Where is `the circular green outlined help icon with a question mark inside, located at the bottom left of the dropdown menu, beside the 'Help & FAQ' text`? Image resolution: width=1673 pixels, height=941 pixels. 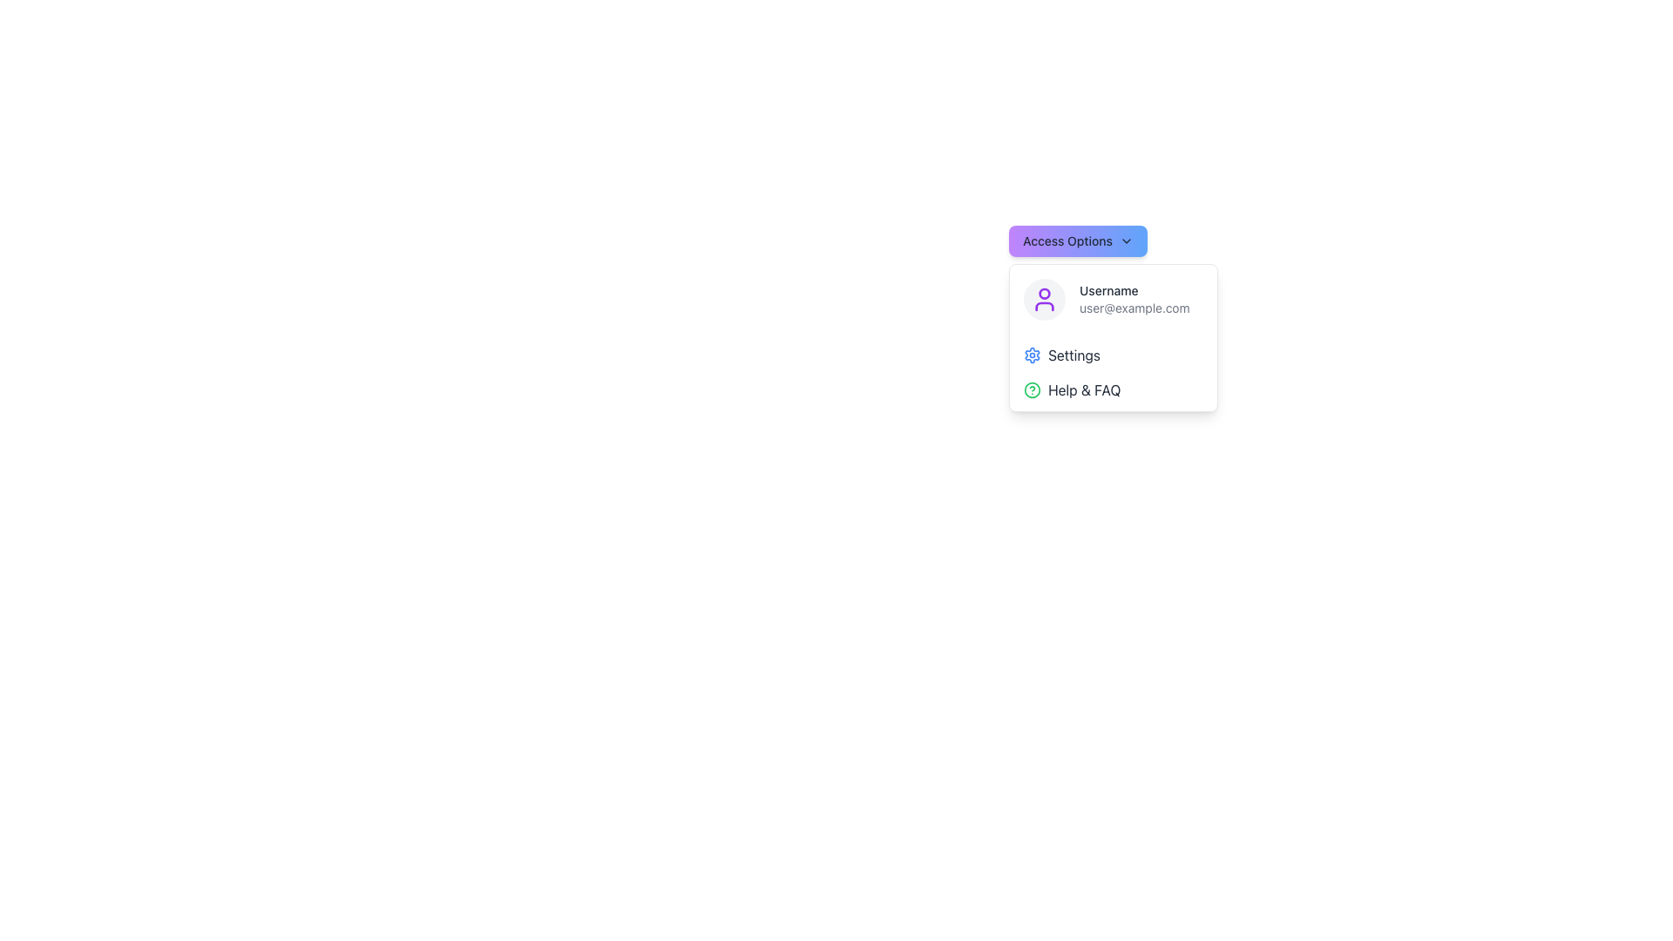
the circular green outlined help icon with a question mark inside, located at the bottom left of the dropdown menu, beside the 'Help & FAQ' text is located at coordinates (1033, 389).